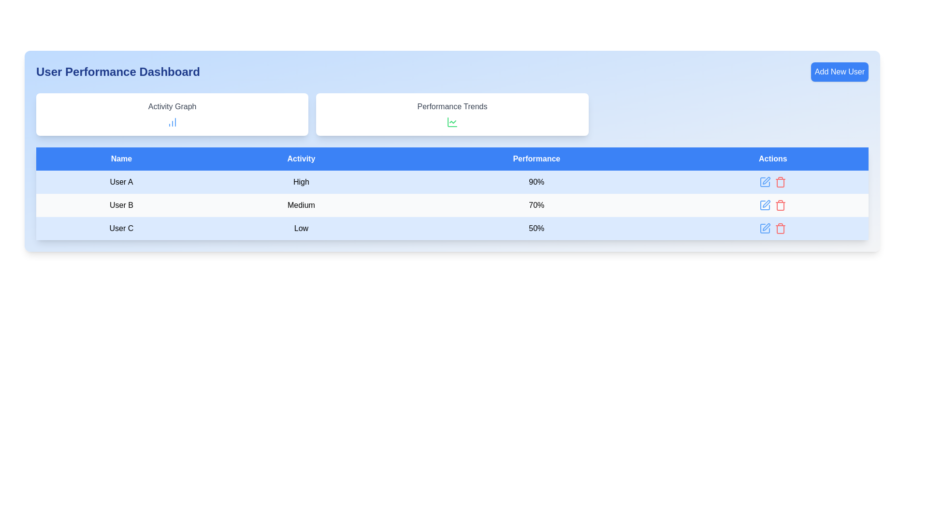 This screenshot has width=928, height=522. Describe the element at coordinates (772, 158) in the screenshot. I see `the Table Header Cell labeled 'Actions', which has a bold blue background and white centrally aligned text, positioned at the far-right of the header row in the table` at that location.